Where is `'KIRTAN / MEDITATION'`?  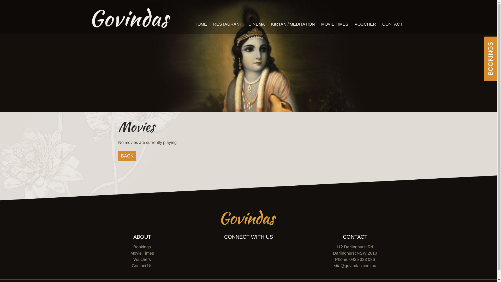 'KIRTAN / MEDITATION' is located at coordinates (293, 24).